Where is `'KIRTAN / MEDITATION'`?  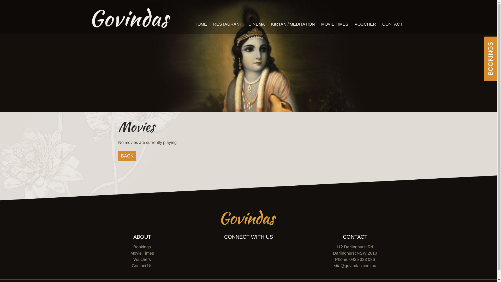 'KIRTAN / MEDITATION' is located at coordinates (293, 24).